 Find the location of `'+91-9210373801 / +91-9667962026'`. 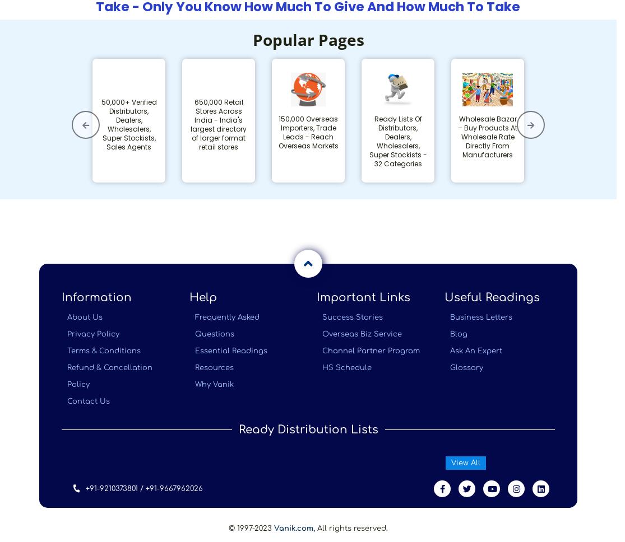

'+91-9210373801 / +91-9667962026' is located at coordinates (144, 487).